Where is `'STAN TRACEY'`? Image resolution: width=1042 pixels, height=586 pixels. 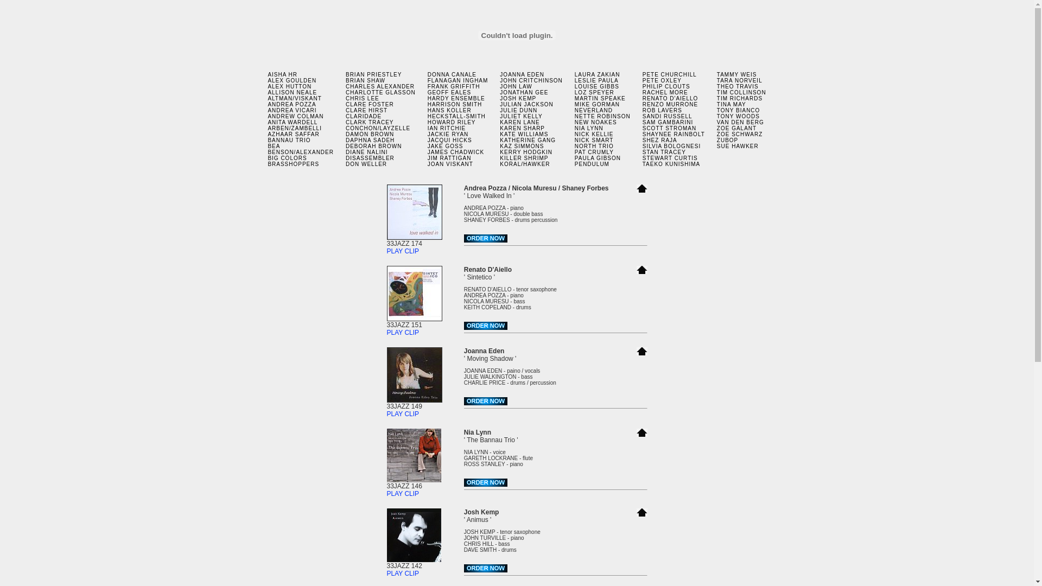 'STAN TRACEY' is located at coordinates (643, 152).